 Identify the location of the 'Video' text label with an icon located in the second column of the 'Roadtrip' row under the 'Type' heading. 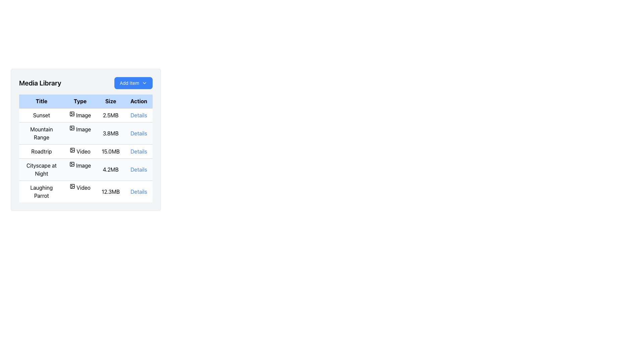
(80, 151).